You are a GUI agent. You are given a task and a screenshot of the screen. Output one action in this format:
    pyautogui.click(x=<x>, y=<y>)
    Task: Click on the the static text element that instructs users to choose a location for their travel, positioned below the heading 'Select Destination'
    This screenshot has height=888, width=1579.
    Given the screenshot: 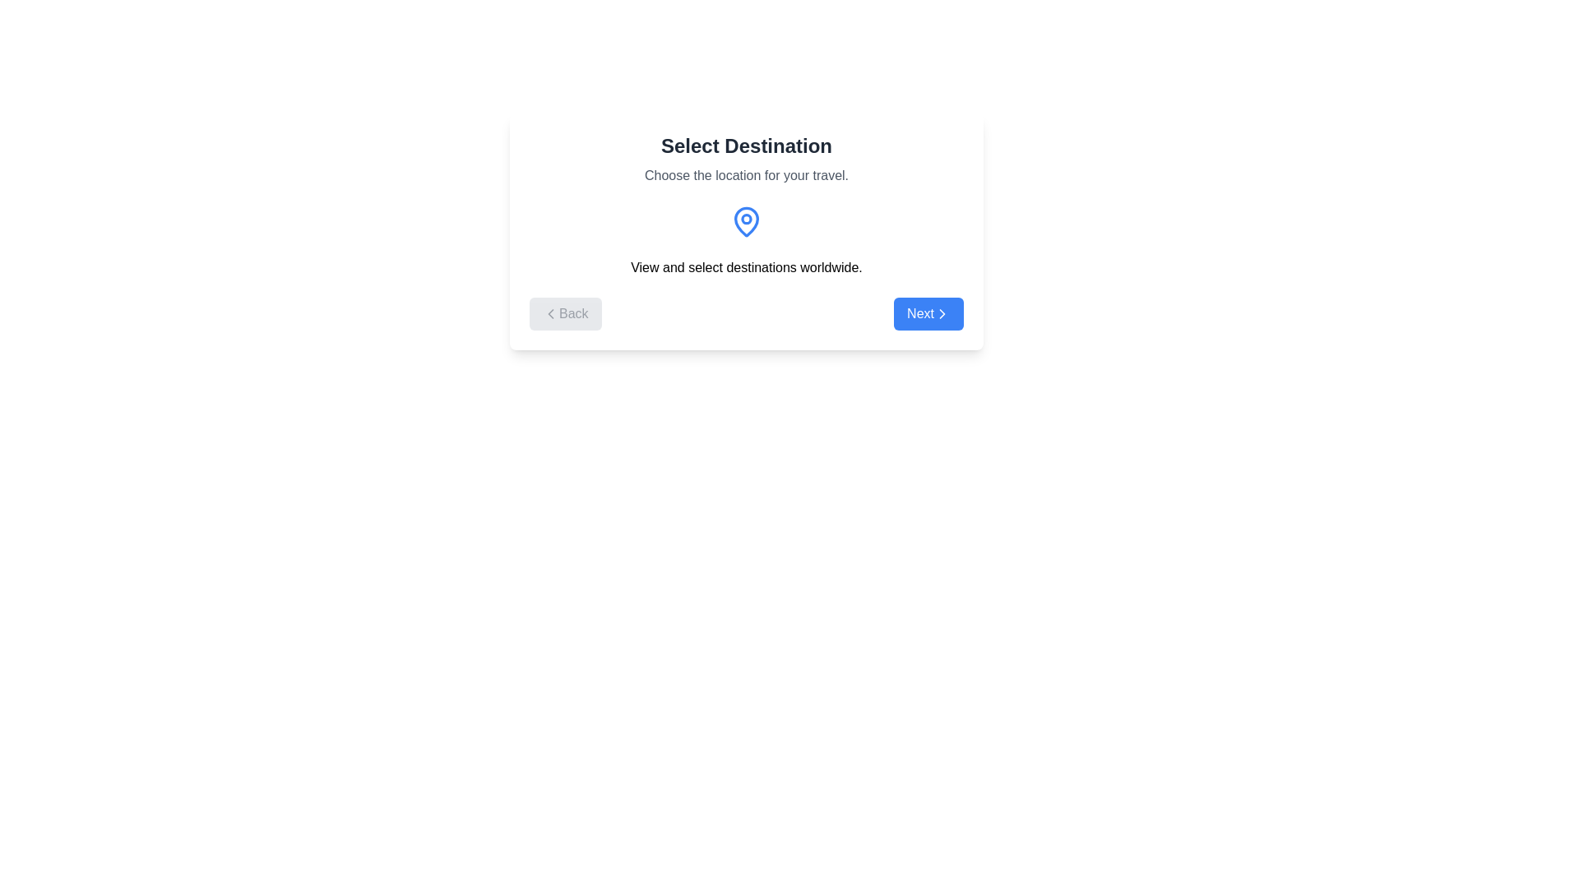 What is the action you would take?
    pyautogui.click(x=745, y=175)
    